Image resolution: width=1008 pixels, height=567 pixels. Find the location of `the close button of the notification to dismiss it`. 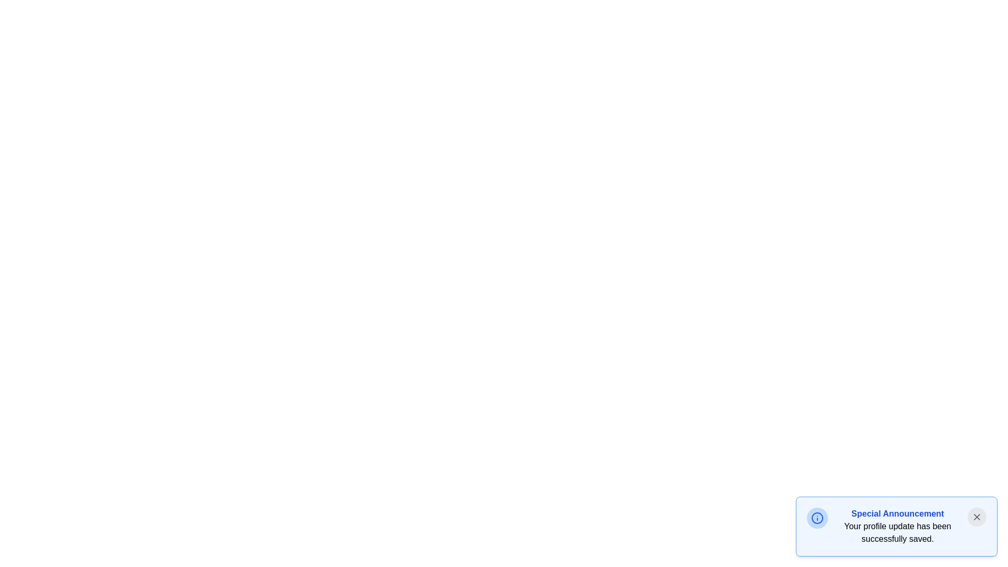

the close button of the notification to dismiss it is located at coordinates (976, 516).